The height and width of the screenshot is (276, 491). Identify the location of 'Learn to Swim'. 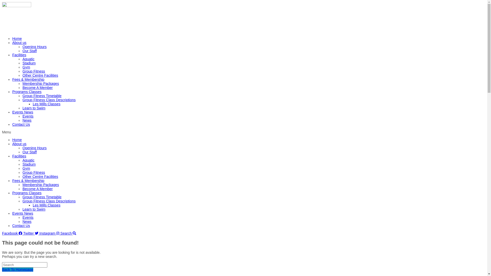
(34, 209).